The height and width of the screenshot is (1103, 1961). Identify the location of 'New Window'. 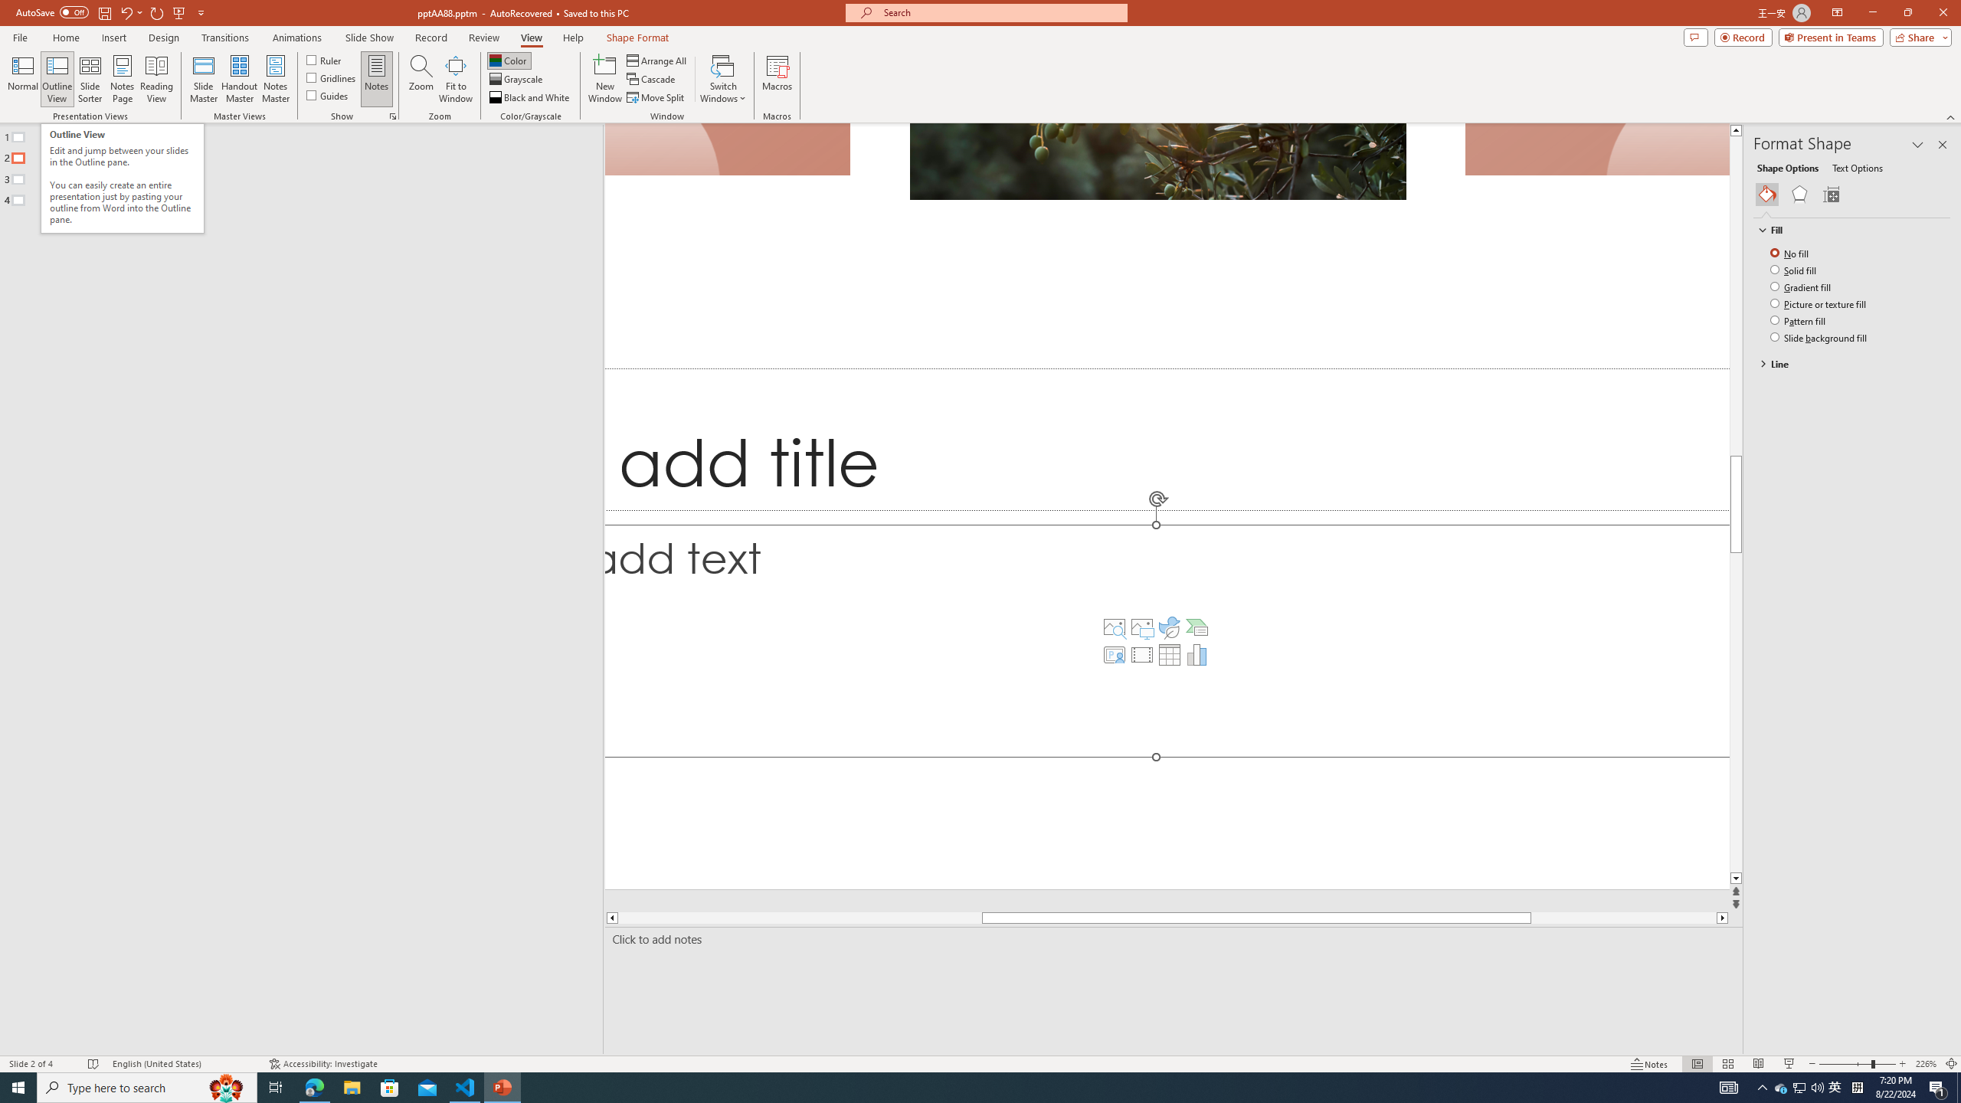
(604, 79).